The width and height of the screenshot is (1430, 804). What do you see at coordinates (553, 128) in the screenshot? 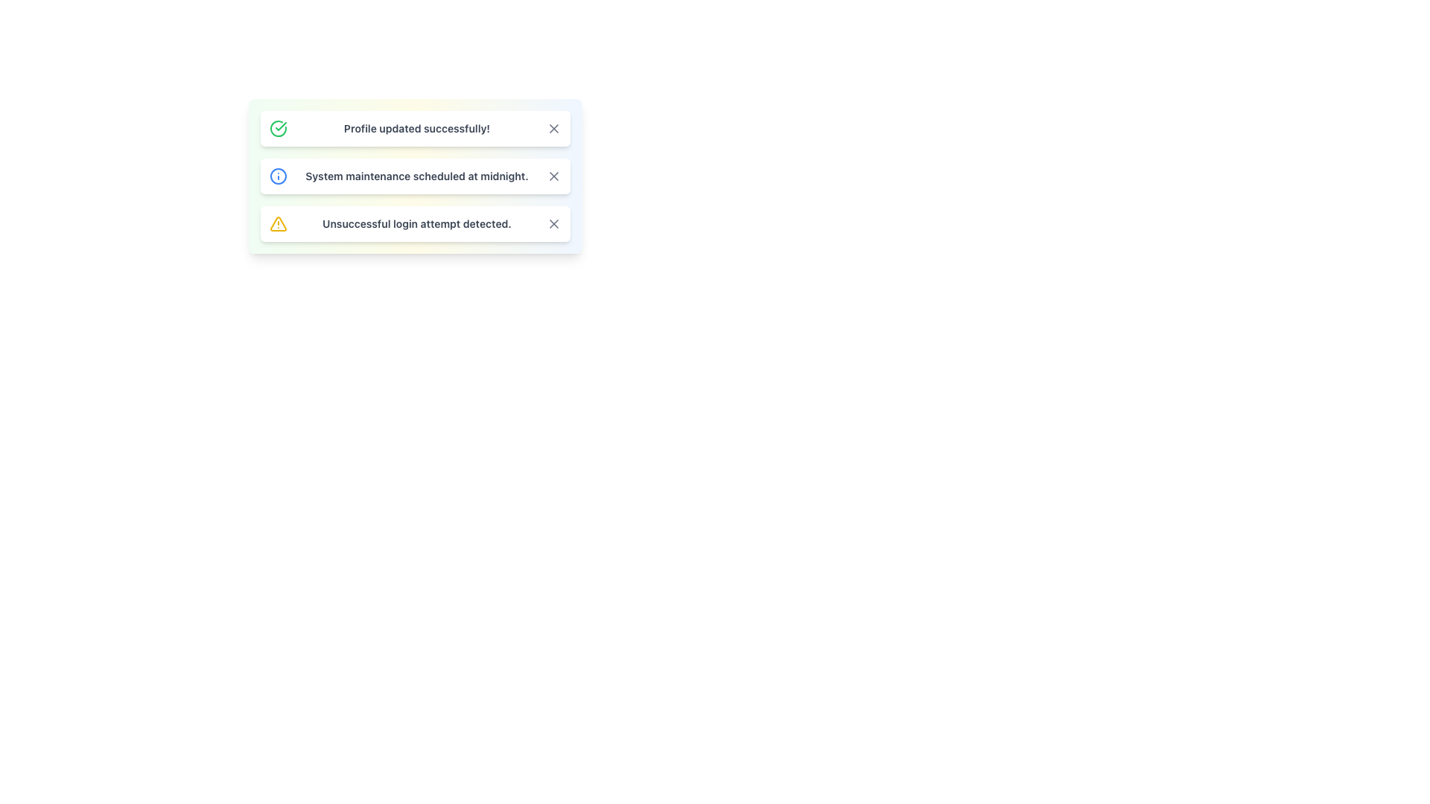
I see `the close button located at the top-right corner of the notification card` at bounding box center [553, 128].